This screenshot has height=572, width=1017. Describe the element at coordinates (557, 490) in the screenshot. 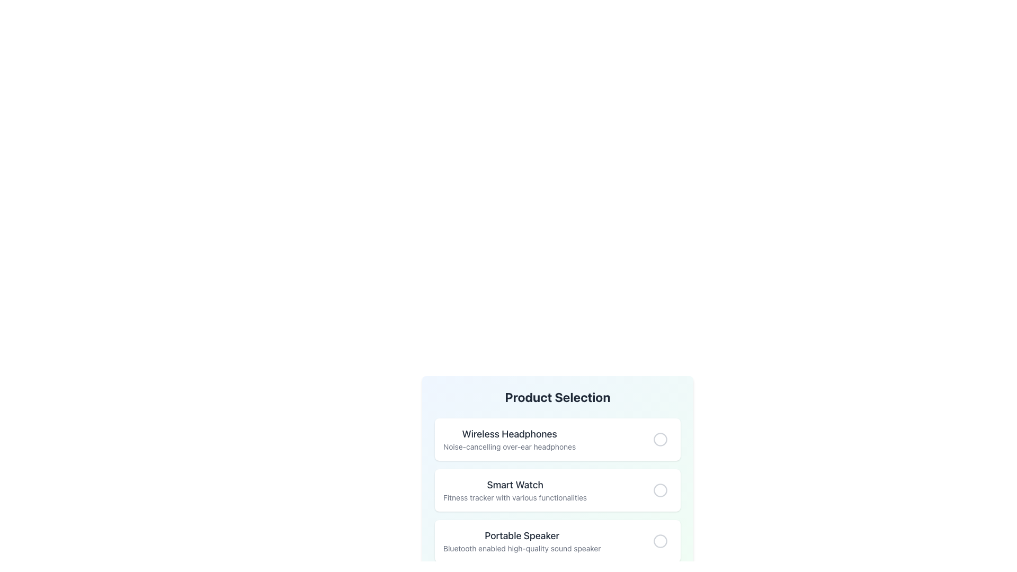

I see `description of the 'Smart Watch' Information Card, which is the second item in a vertical list of options` at that location.